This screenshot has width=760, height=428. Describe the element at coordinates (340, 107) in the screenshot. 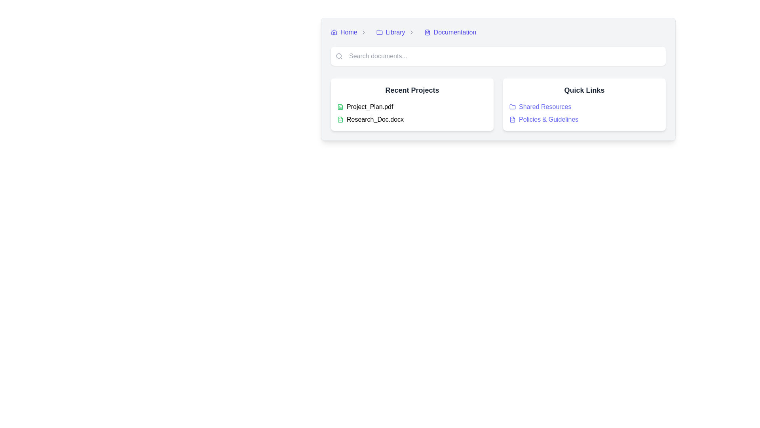

I see `the file icon resembling a page or document symbol located in the 'Recent Projects' section adjacent to the 'Project_Plan.pdf' label` at that location.